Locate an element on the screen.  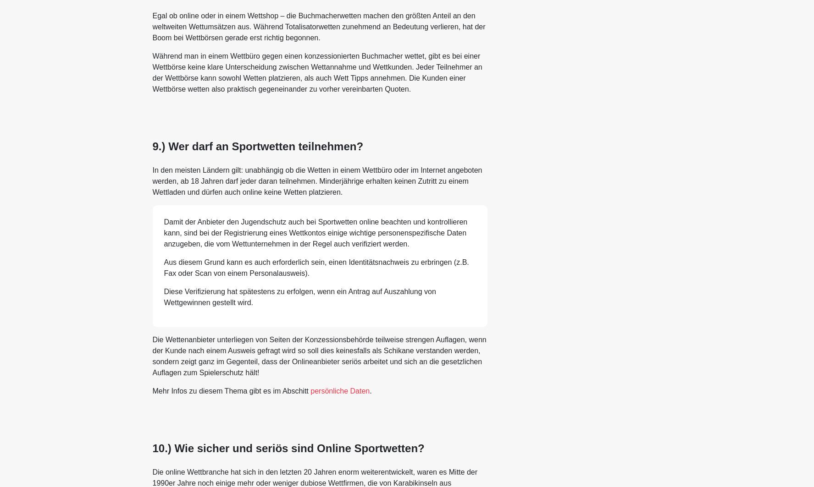
'Die Wettenanbieter unterliegen von Seiten der Konzessionsbehörde teilweise strengen Auflagen, wenn der Kunde nach einem Ausweis gefragt wird so soll dies keinesfalls als Schikane verstanden werden, sondern zeigt ganz im Gegenteil, dass der Onlineanbieter seriös arbeitet und sich an die gesetzlichen Auflagen zum Spielerschutz hält!' is located at coordinates (151, 355).